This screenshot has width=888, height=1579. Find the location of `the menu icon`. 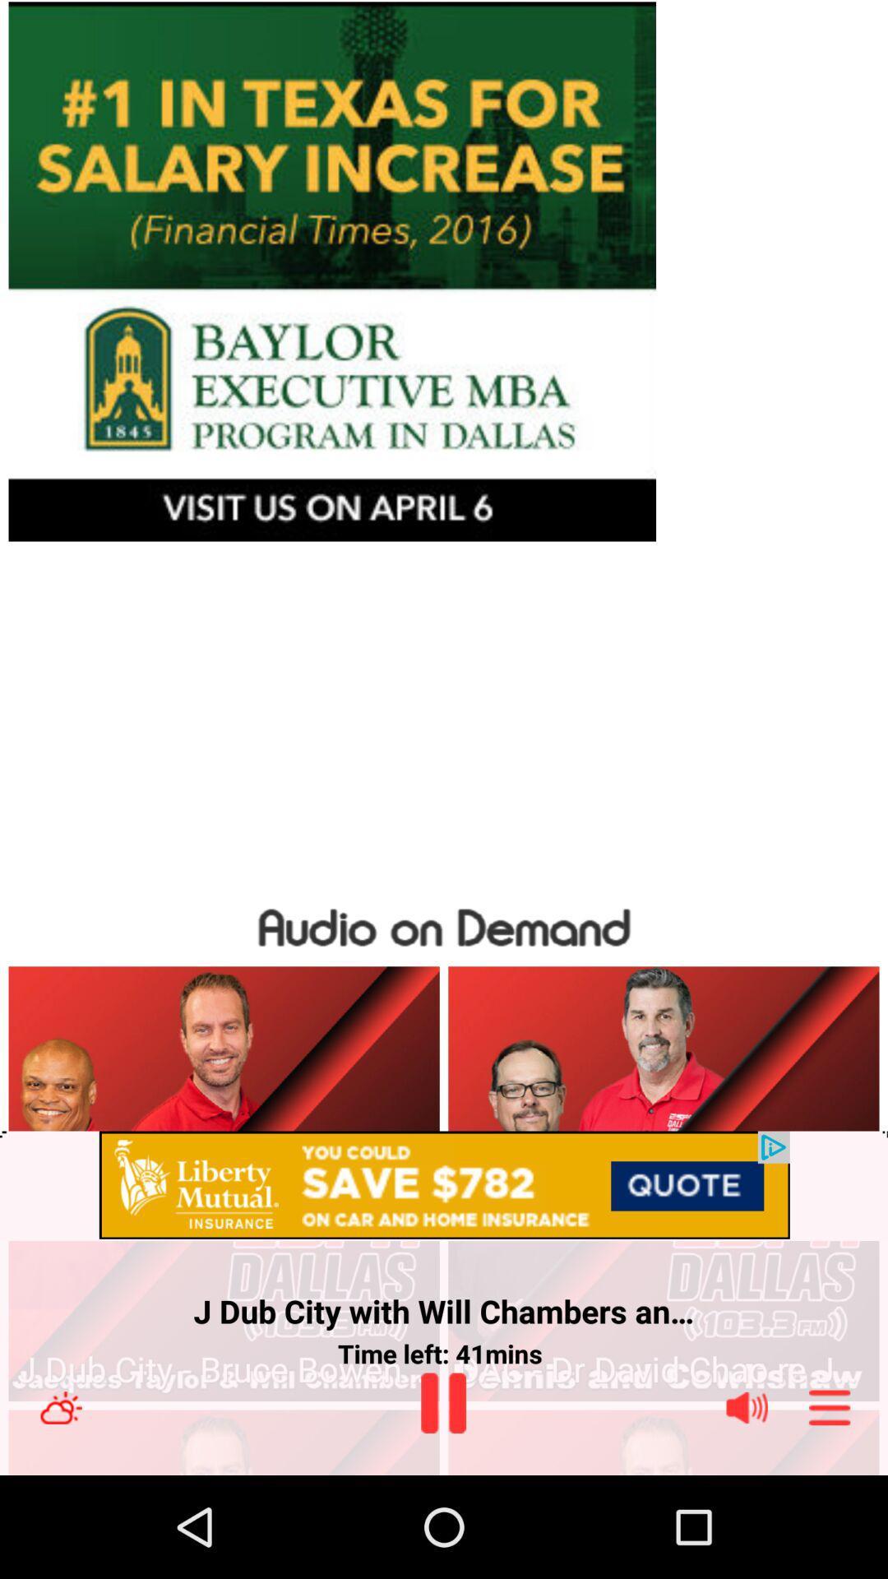

the menu icon is located at coordinates (830, 1507).